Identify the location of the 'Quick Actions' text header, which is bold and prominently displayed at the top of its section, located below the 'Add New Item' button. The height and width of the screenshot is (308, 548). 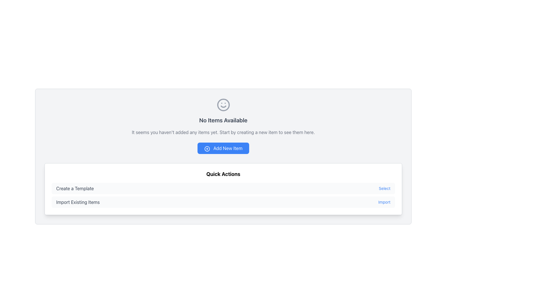
(223, 174).